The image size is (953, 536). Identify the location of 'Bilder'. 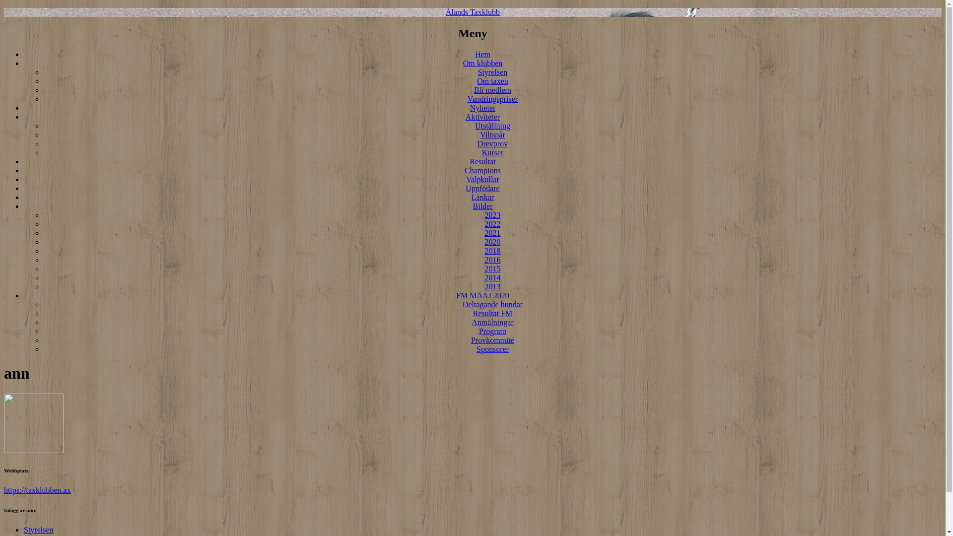
(482, 205).